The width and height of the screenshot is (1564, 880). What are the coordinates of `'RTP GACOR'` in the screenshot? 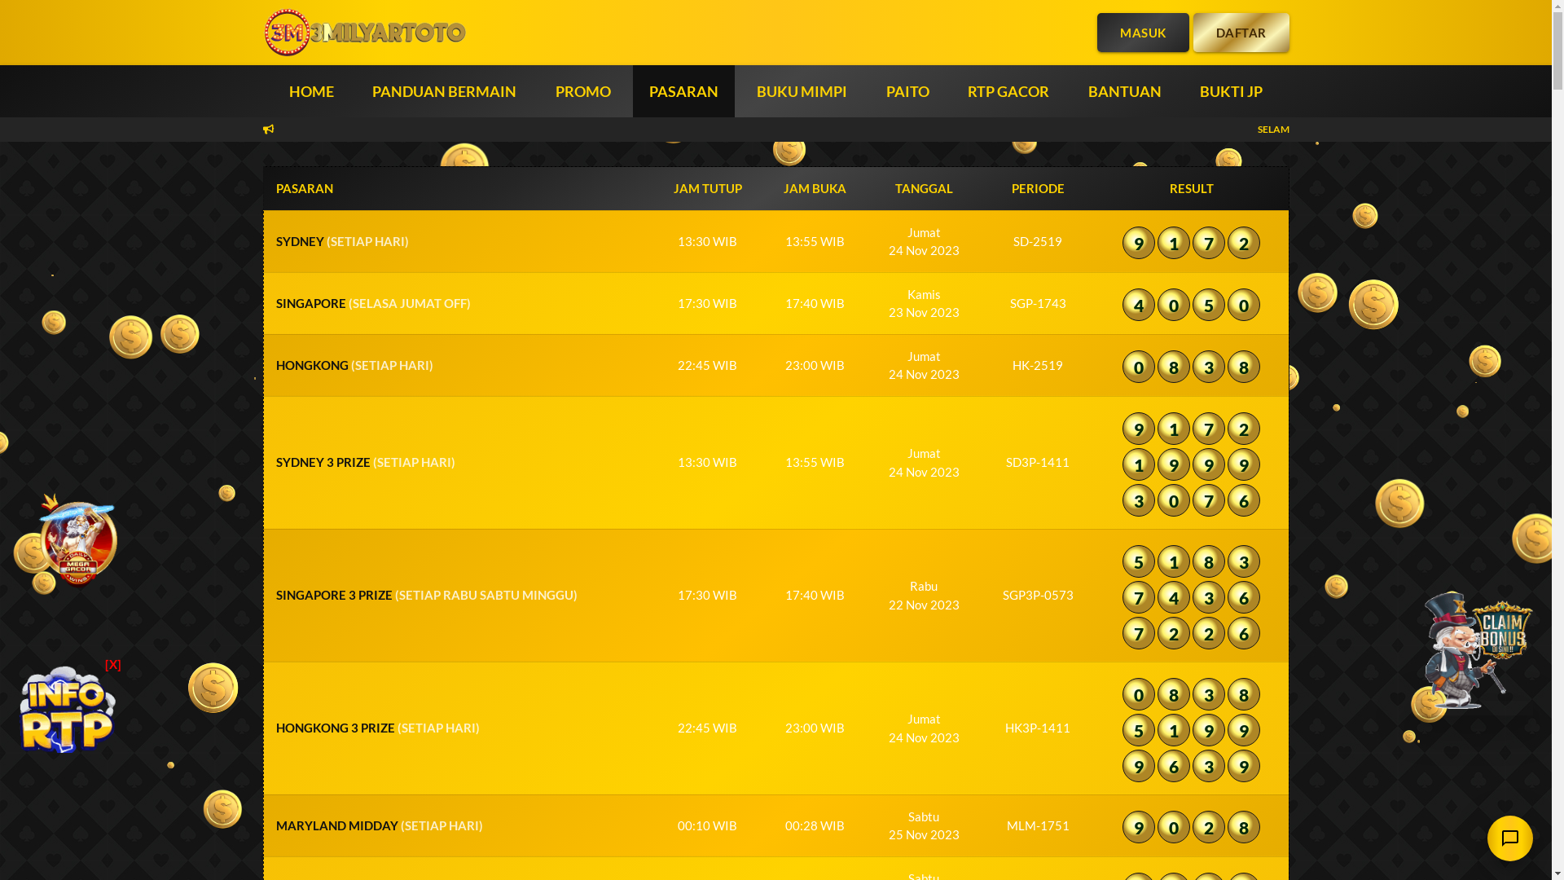 It's located at (1008, 90).